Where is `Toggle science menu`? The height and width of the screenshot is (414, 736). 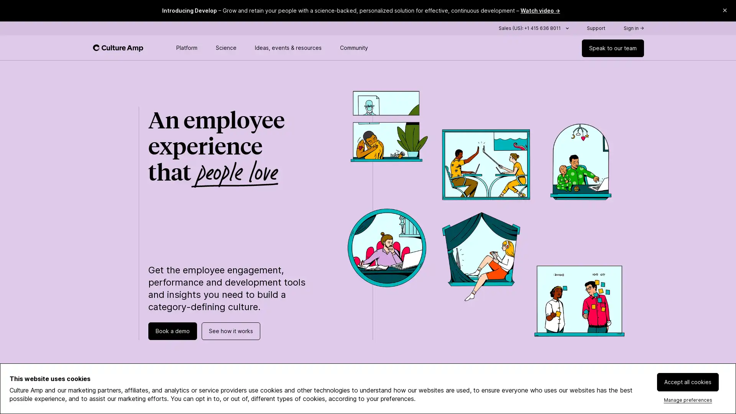 Toggle science menu is located at coordinates (226, 48).